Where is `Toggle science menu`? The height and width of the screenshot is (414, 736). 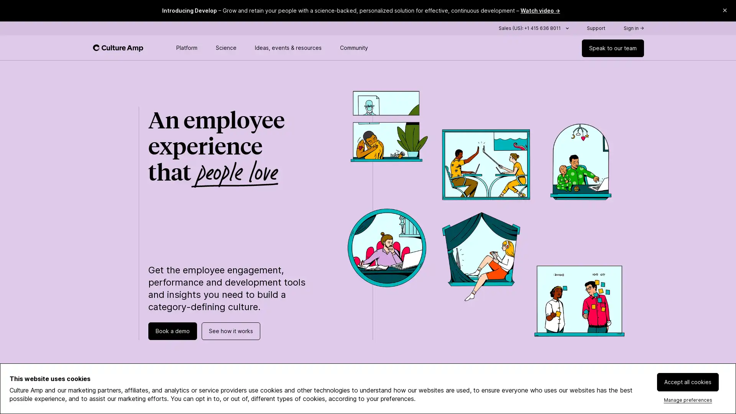 Toggle science menu is located at coordinates (226, 48).